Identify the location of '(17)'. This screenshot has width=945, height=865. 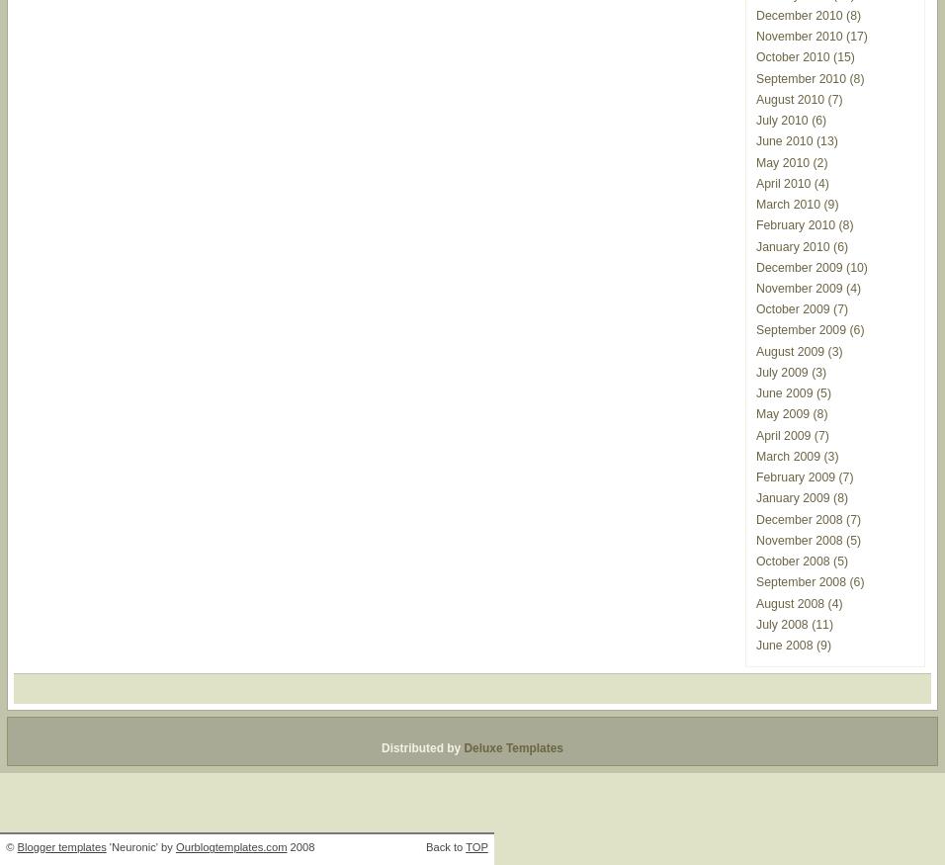
(854, 36).